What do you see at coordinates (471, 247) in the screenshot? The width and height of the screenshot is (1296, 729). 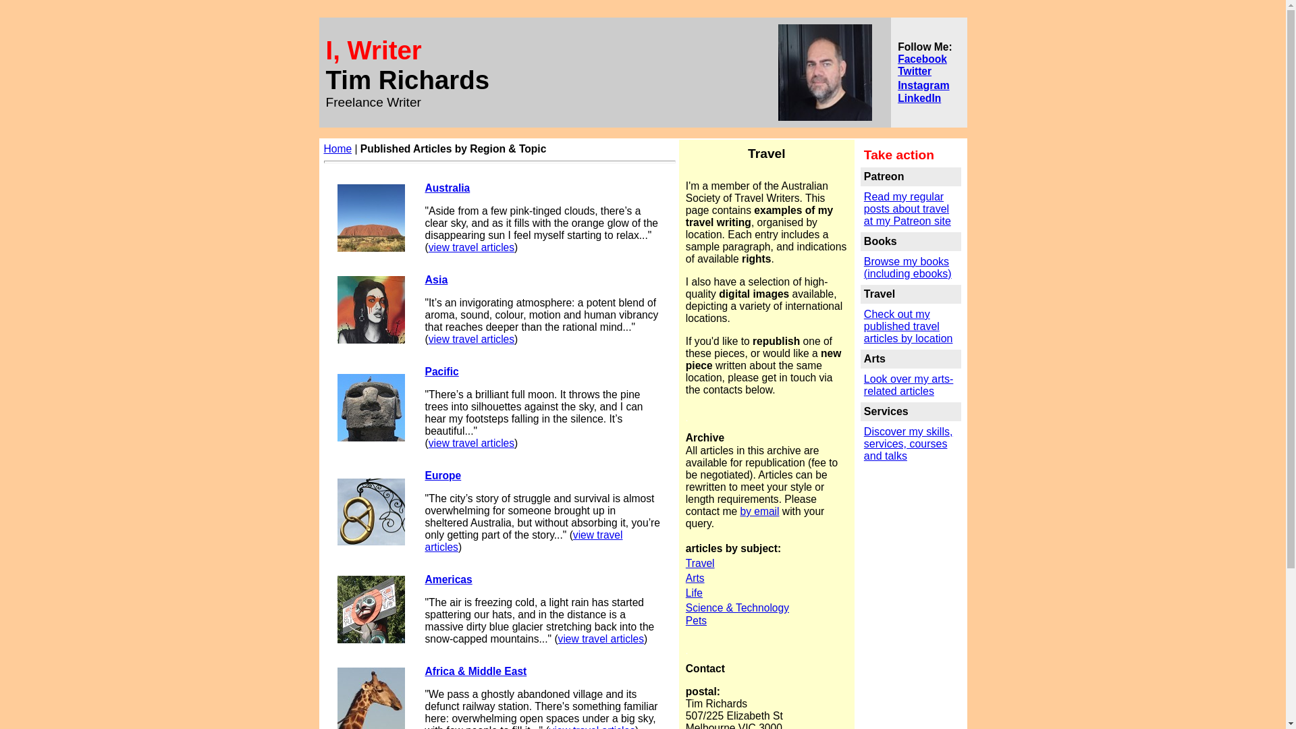 I see `'view travel articles'` at bounding box center [471, 247].